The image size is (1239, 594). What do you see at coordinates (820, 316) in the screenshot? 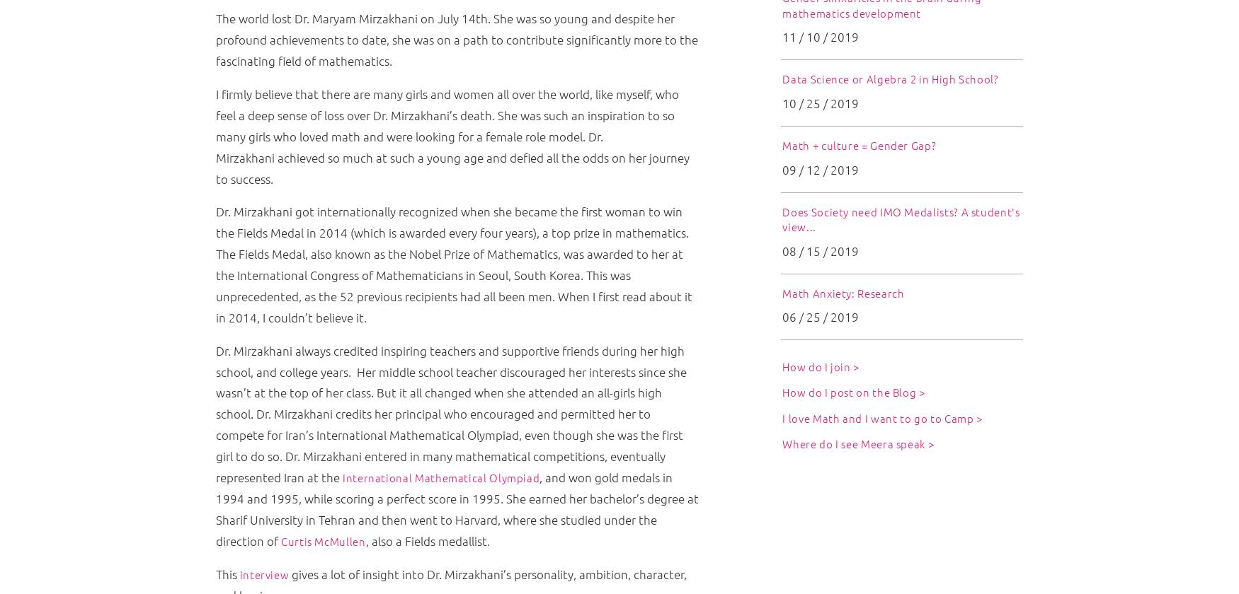
I see `'06 / 25 / 2019'` at bounding box center [820, 316].